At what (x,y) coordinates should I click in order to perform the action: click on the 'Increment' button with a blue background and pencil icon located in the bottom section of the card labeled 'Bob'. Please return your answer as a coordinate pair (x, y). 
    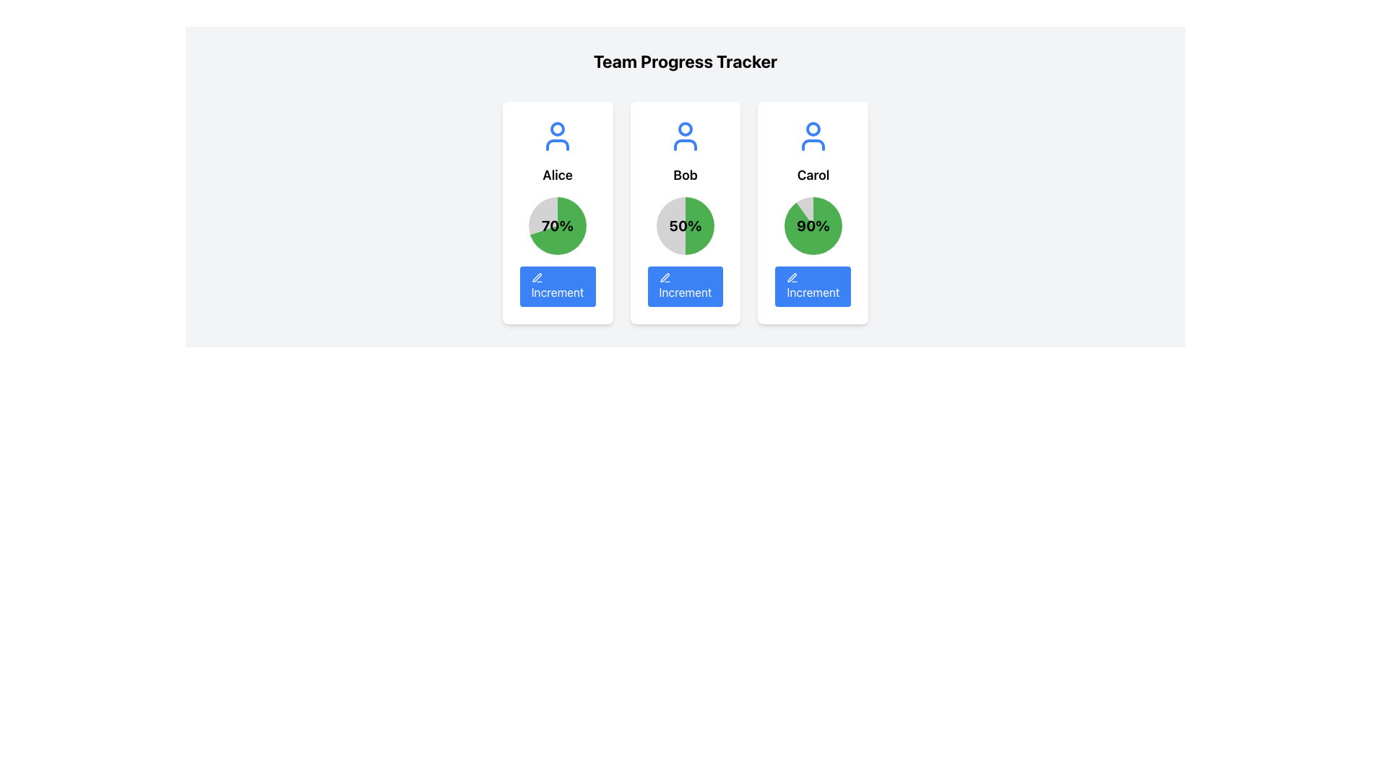
    Looking at the image, I should click on (685, 287).